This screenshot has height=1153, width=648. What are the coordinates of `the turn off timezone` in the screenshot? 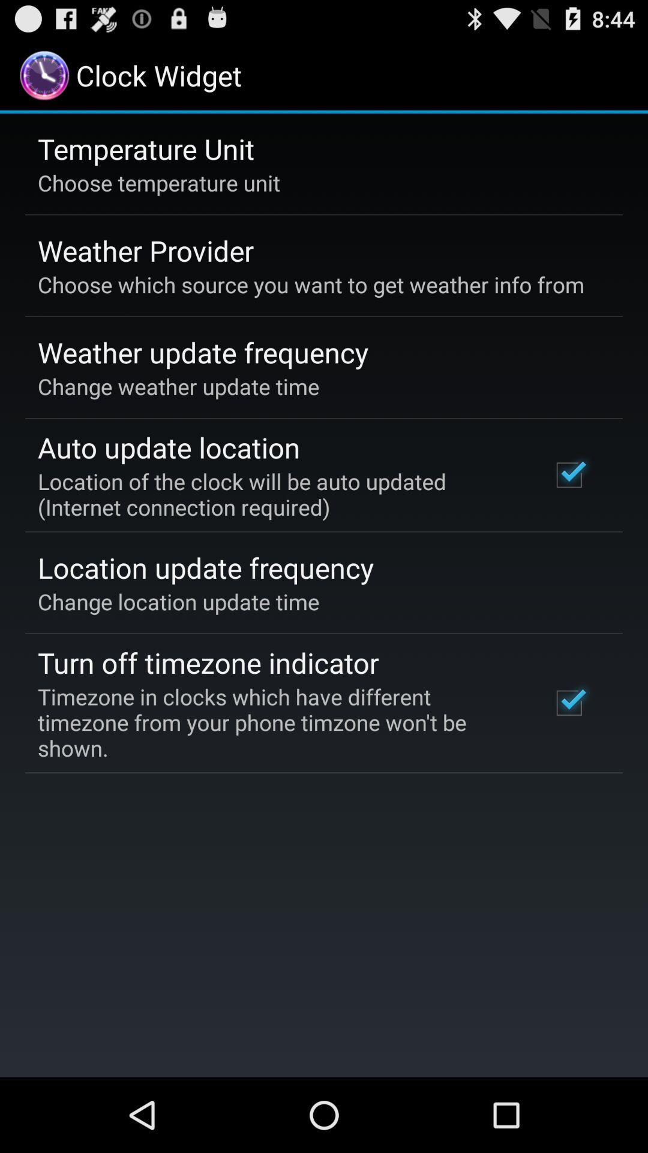 It's located at (208, 662).